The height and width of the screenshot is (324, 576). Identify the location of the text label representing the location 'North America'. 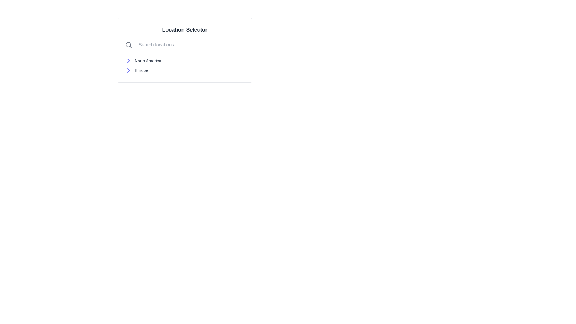
(148, 61).